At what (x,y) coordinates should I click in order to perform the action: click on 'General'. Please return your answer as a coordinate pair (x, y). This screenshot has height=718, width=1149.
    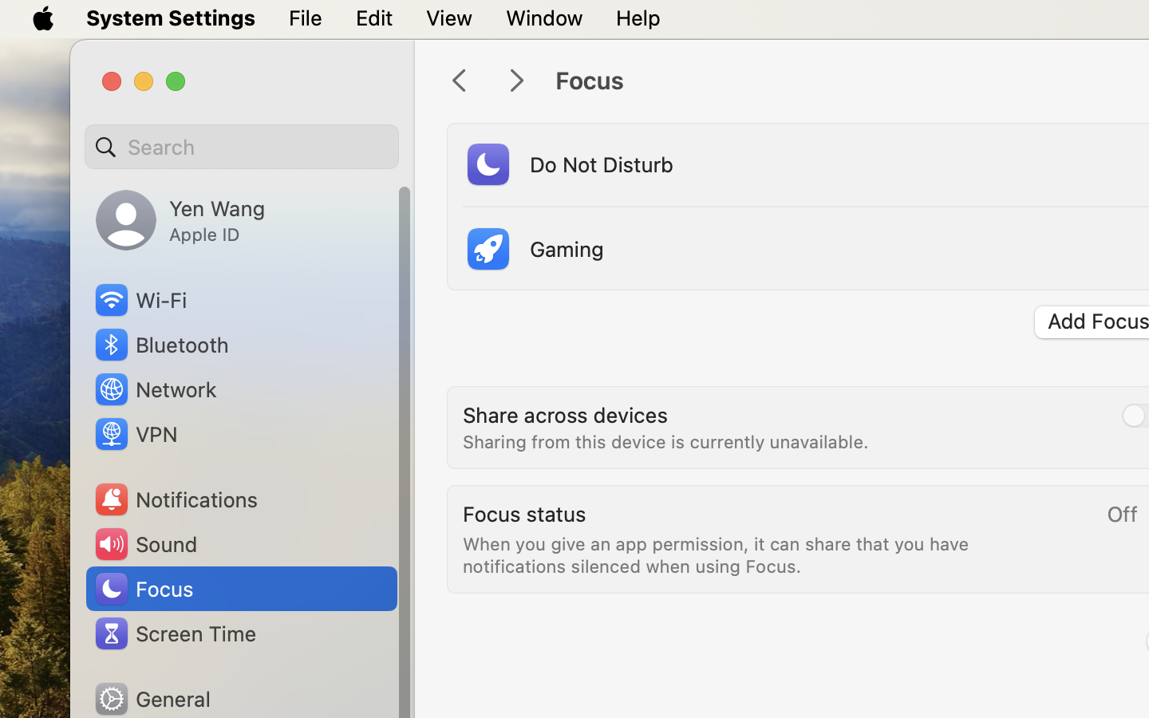
    Looking at the image, I should click on (151, 698).